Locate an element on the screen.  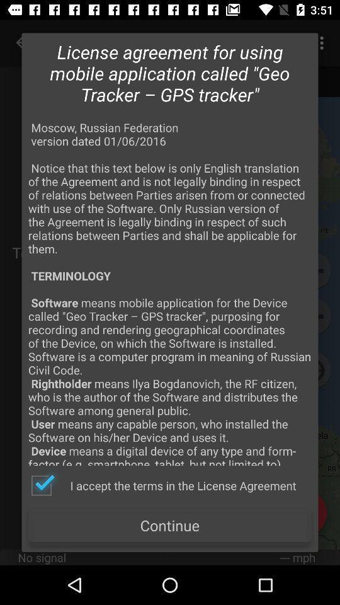
moscow russian federation app is located at coordinates (170, 292).